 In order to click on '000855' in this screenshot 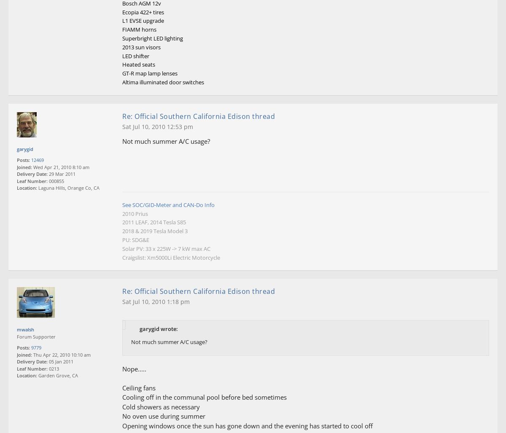, I will do `click(56, 180)`.